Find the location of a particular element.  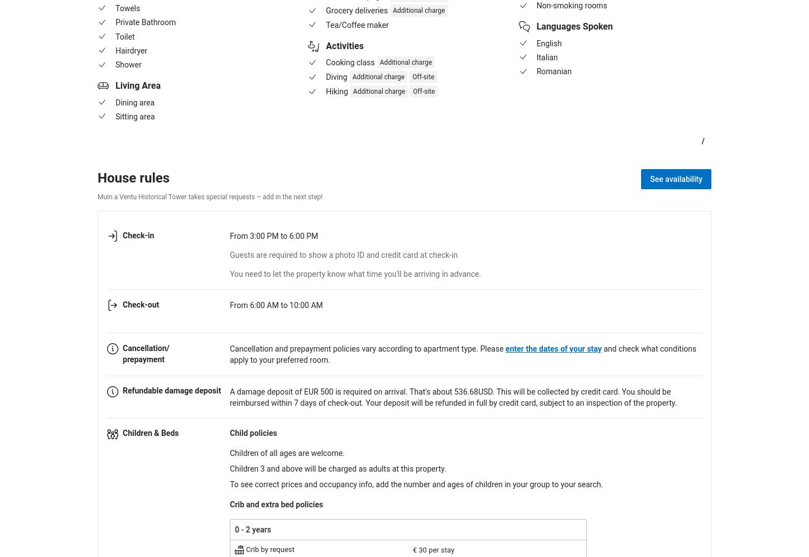

'From 3:00 PM to 6:00 PM' is located at coordinates (273, 236).